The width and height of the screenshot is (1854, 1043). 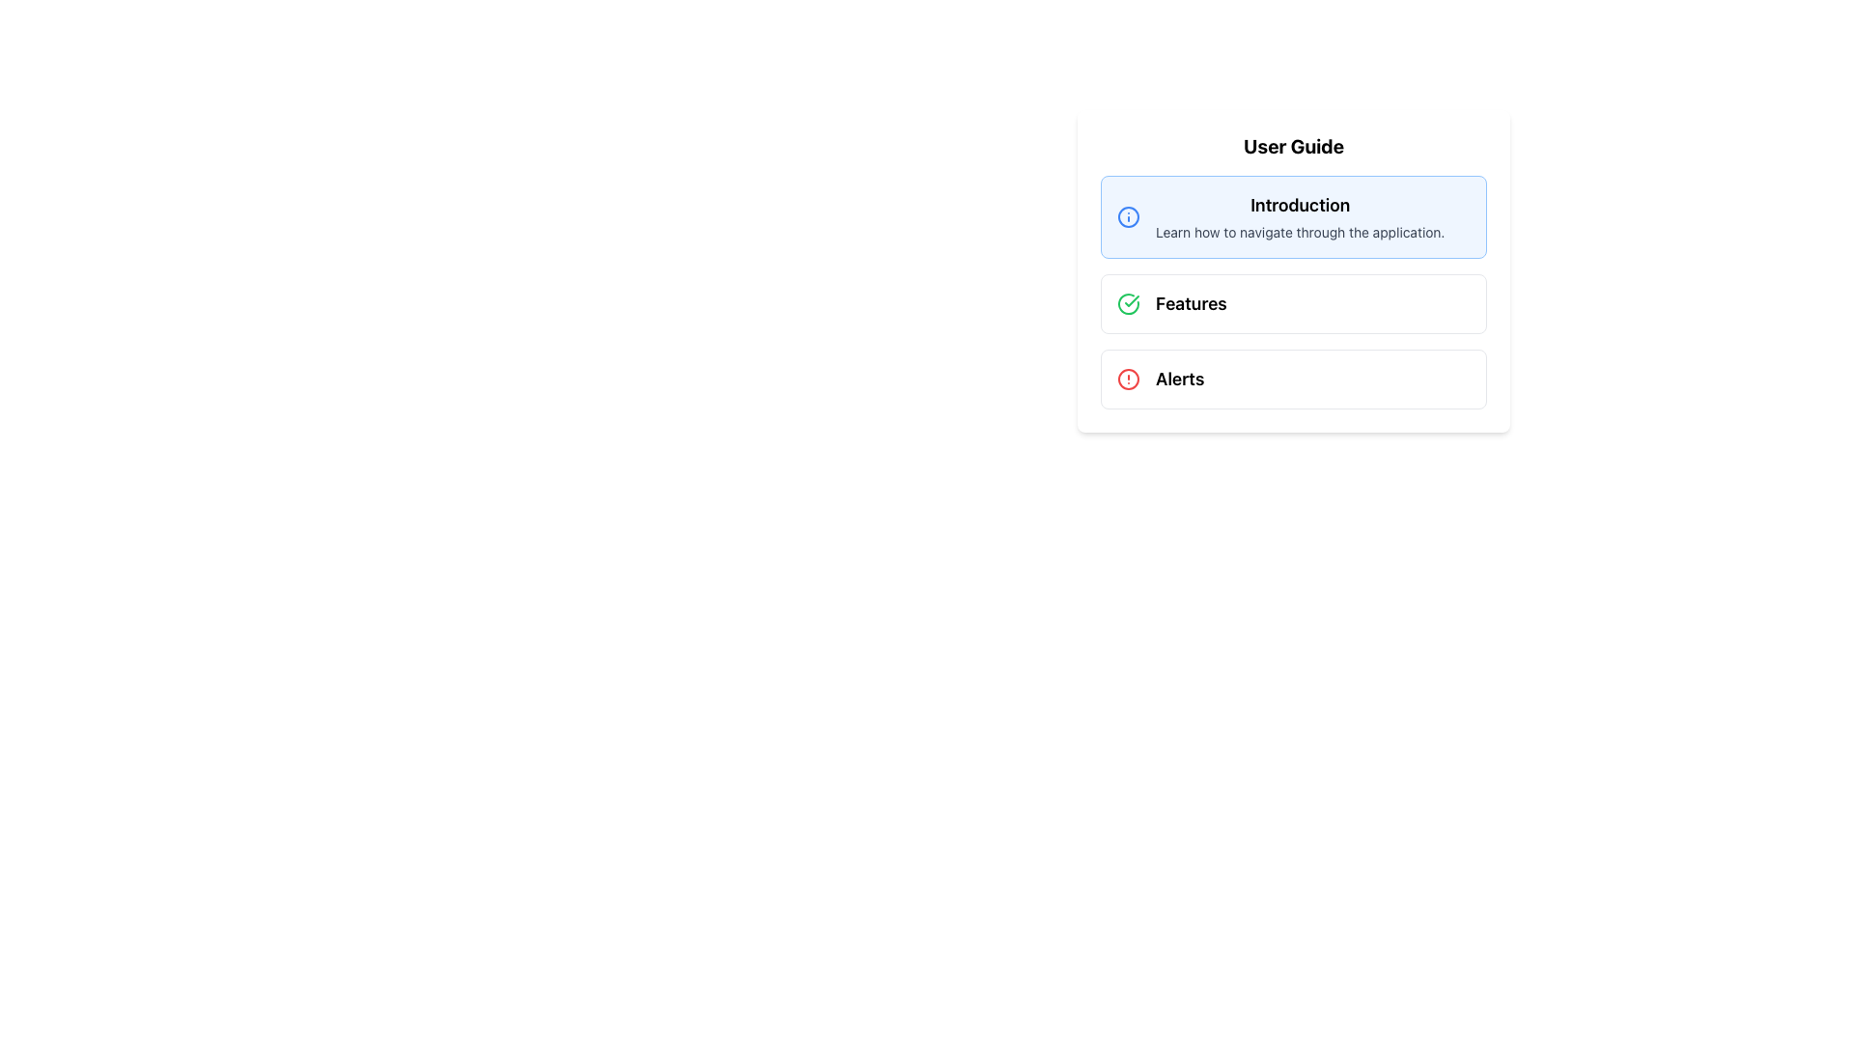 What do you see at coordinates (1129, 380) in the screenshot?
I see `SVG circle graphical component of the alert icon, which is positioned to the left of the 'Alerts' text in the vertical list` at bounding box center [1129, 380].